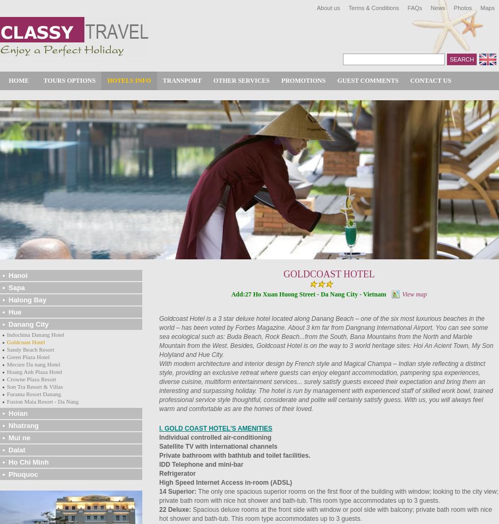 The height and width of the screenshot is (524, 499). Describe the element at coordinates (431, 80) in the screenshot. I see `'Contact Us'` at that location.